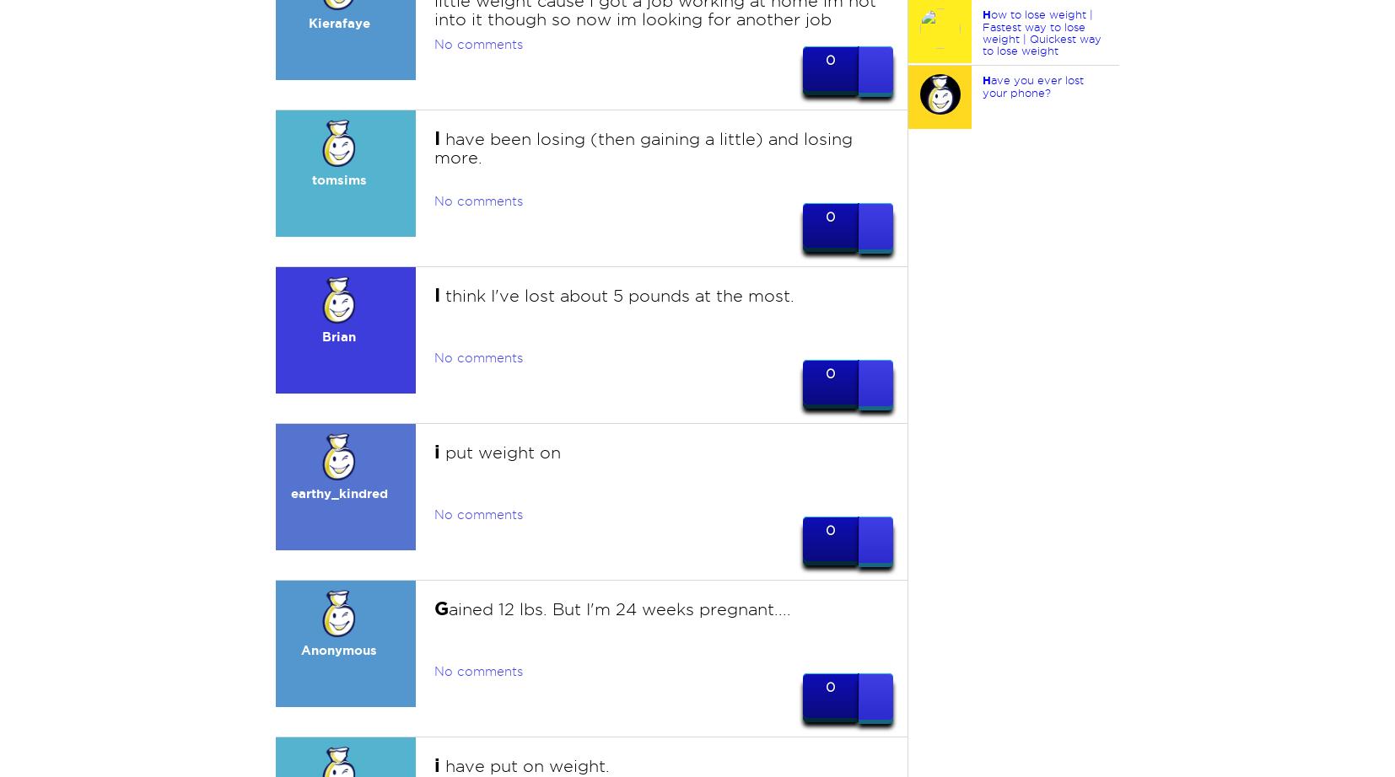 Image resolution: width=1395 pixels, height=777 pixels. I want to click on 'ained 12 lbs. But I'm 24 weeks pregnant....', so click(619, 608).